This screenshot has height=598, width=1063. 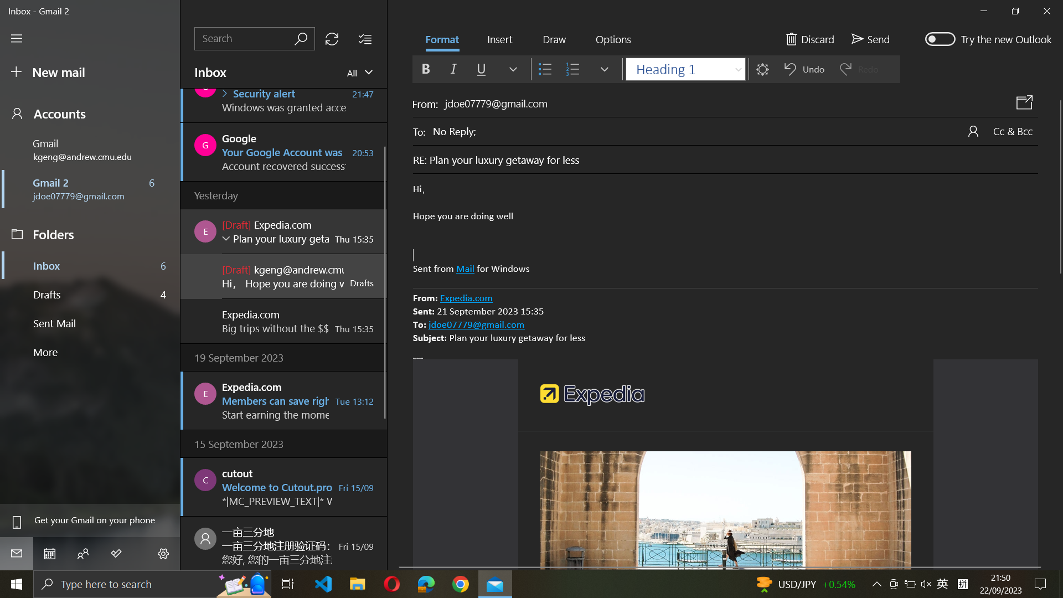 I want to click on a numbered list format to the selected text, so click(x=725, y=229).